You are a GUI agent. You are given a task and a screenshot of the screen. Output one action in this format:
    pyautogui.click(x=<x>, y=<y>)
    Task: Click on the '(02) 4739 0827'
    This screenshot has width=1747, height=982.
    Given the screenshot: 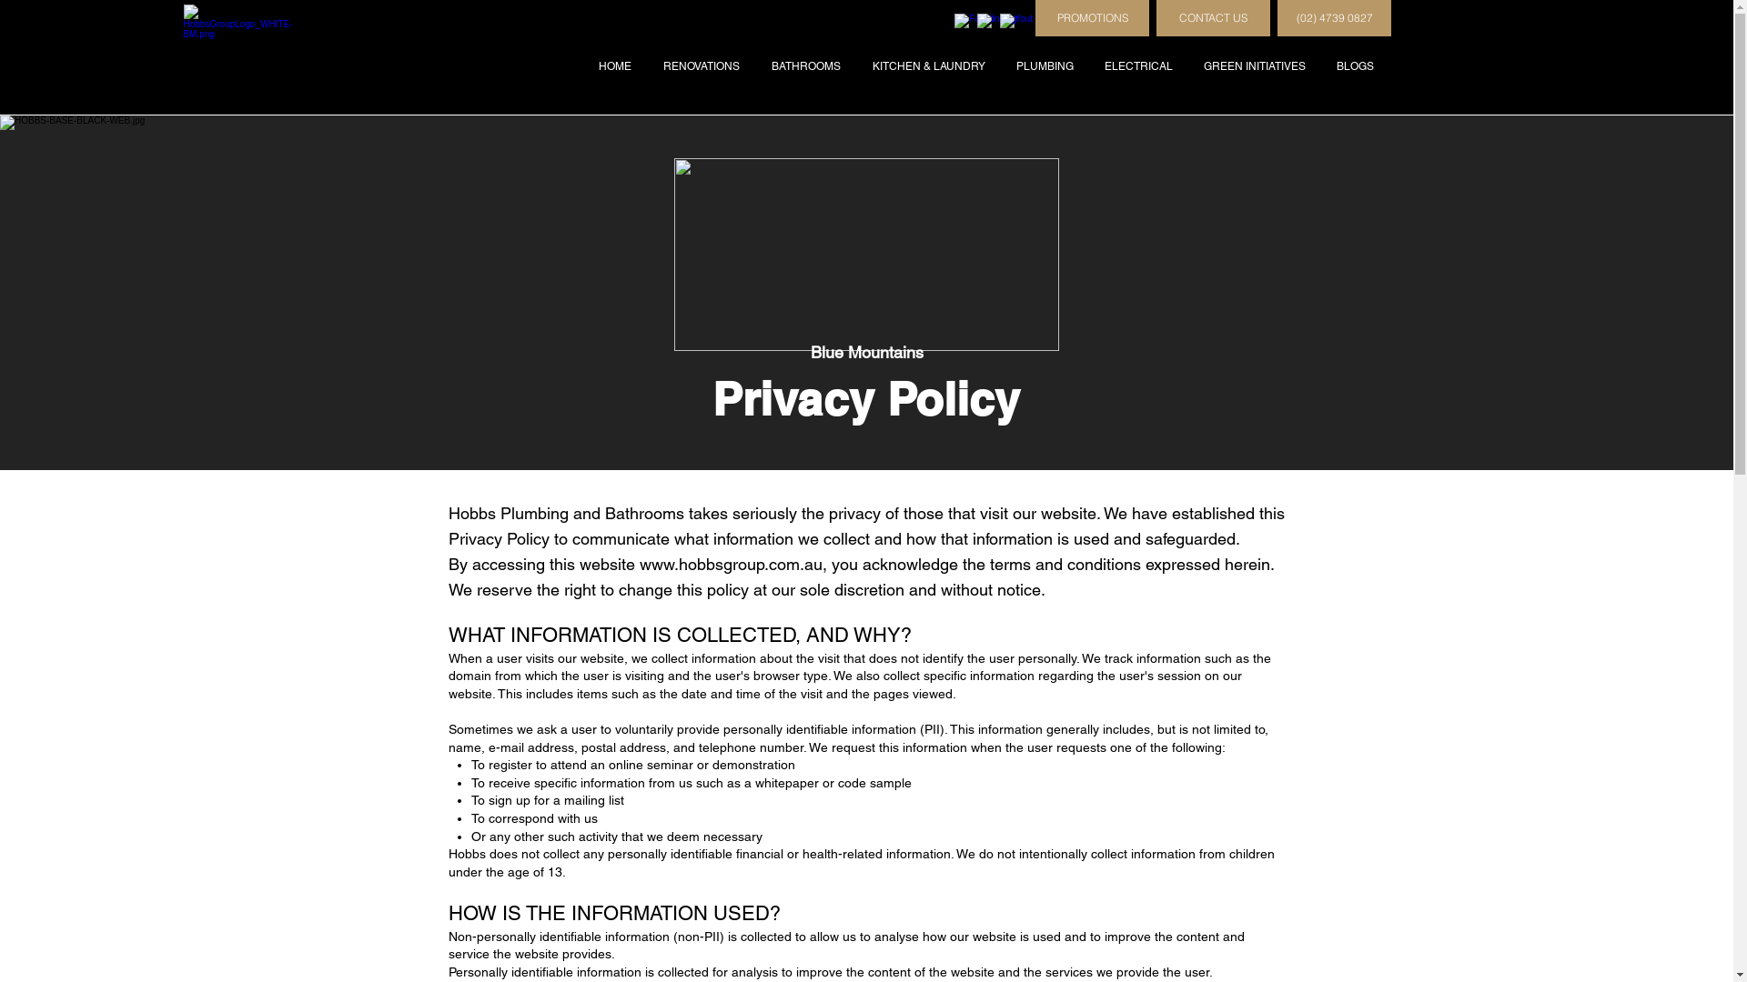 What is the action you would take?
    pyautogui.click(x=1334, y=17)
    